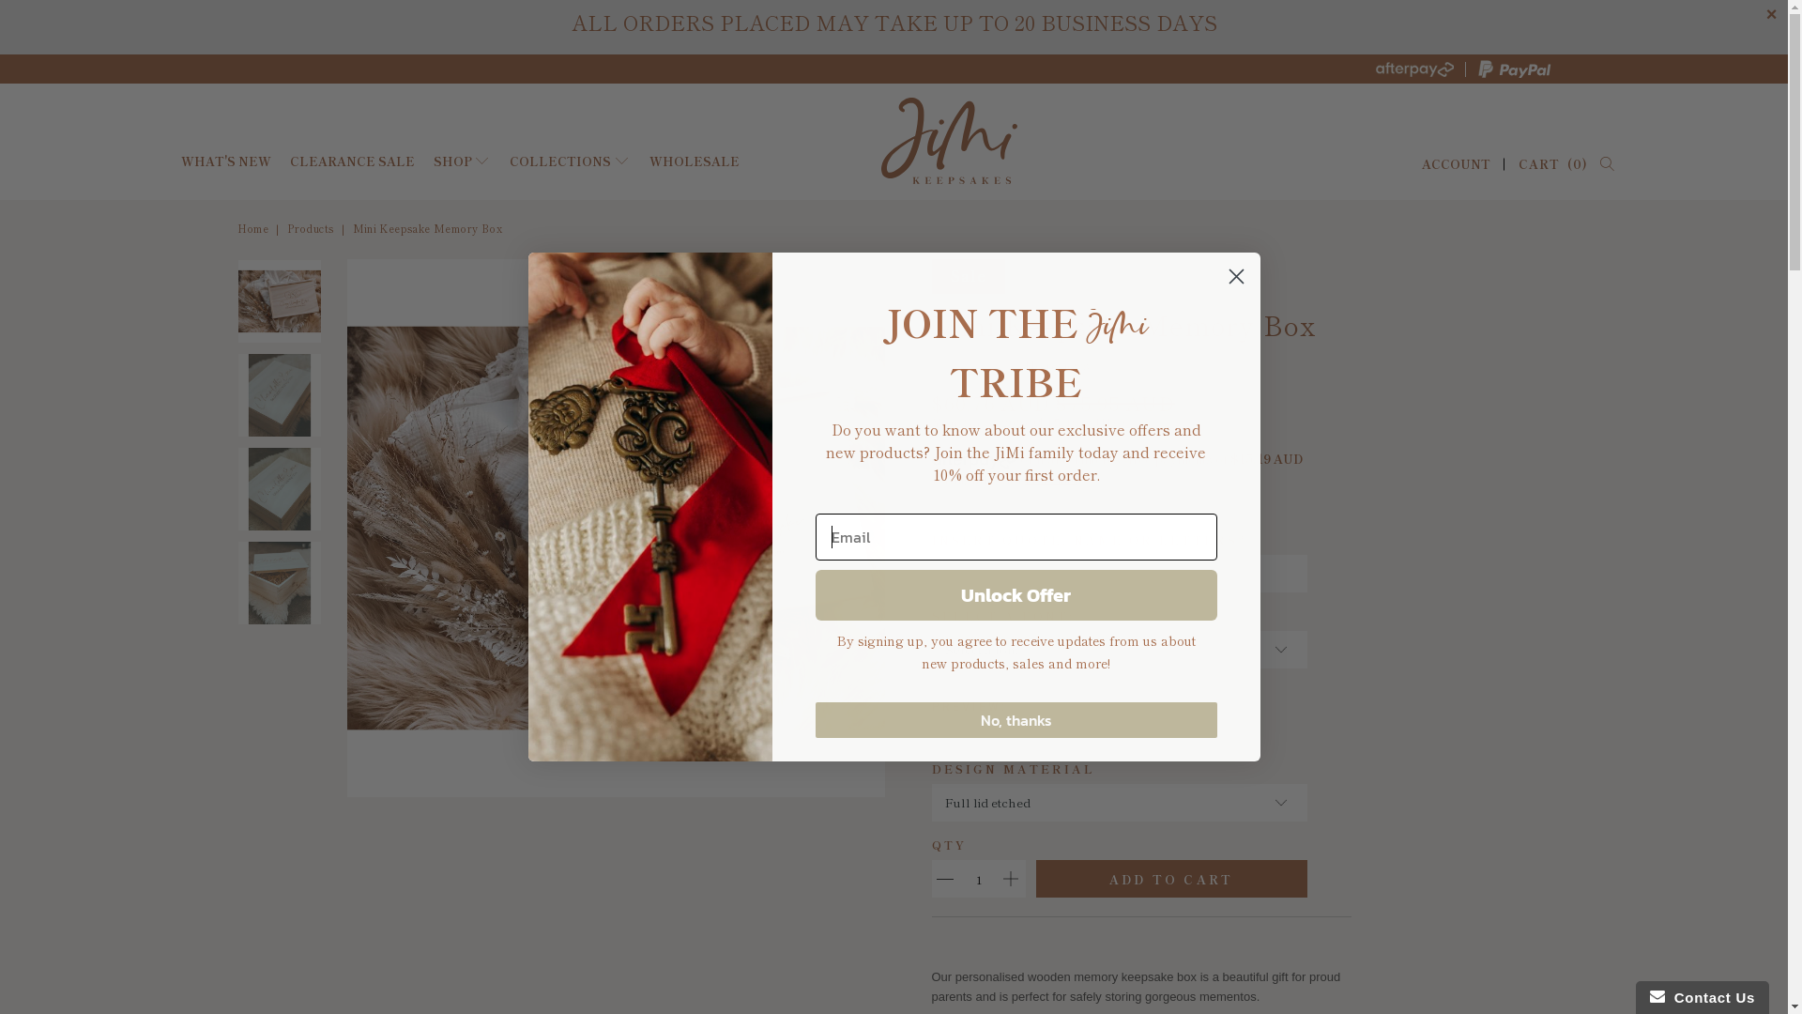  What do you see at coordinates (225, 161) in the screenshot?
I see `'WHAT'S NEW'` at bounding box center [225, 161].